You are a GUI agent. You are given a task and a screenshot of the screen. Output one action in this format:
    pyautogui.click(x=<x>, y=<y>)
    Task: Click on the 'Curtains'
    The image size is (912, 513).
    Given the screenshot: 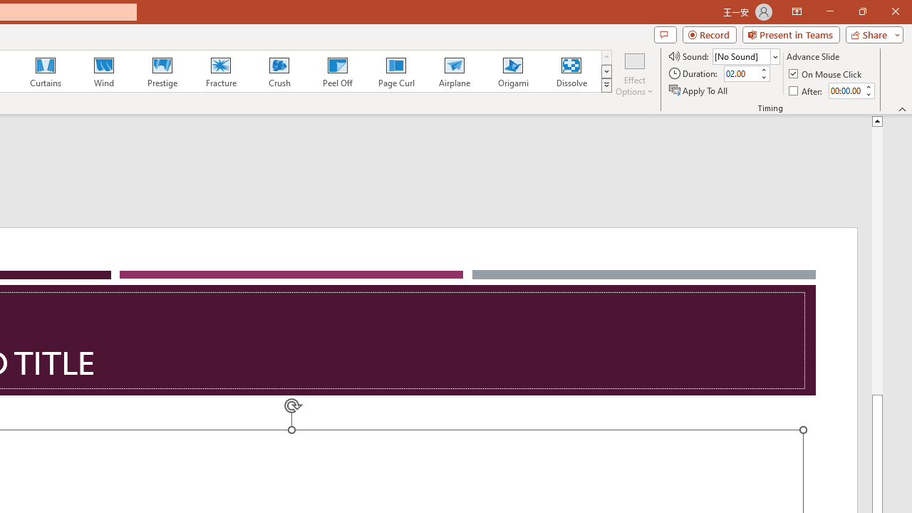 What is the action you would take?
    pyautogui.click(x=46, y=71)
    